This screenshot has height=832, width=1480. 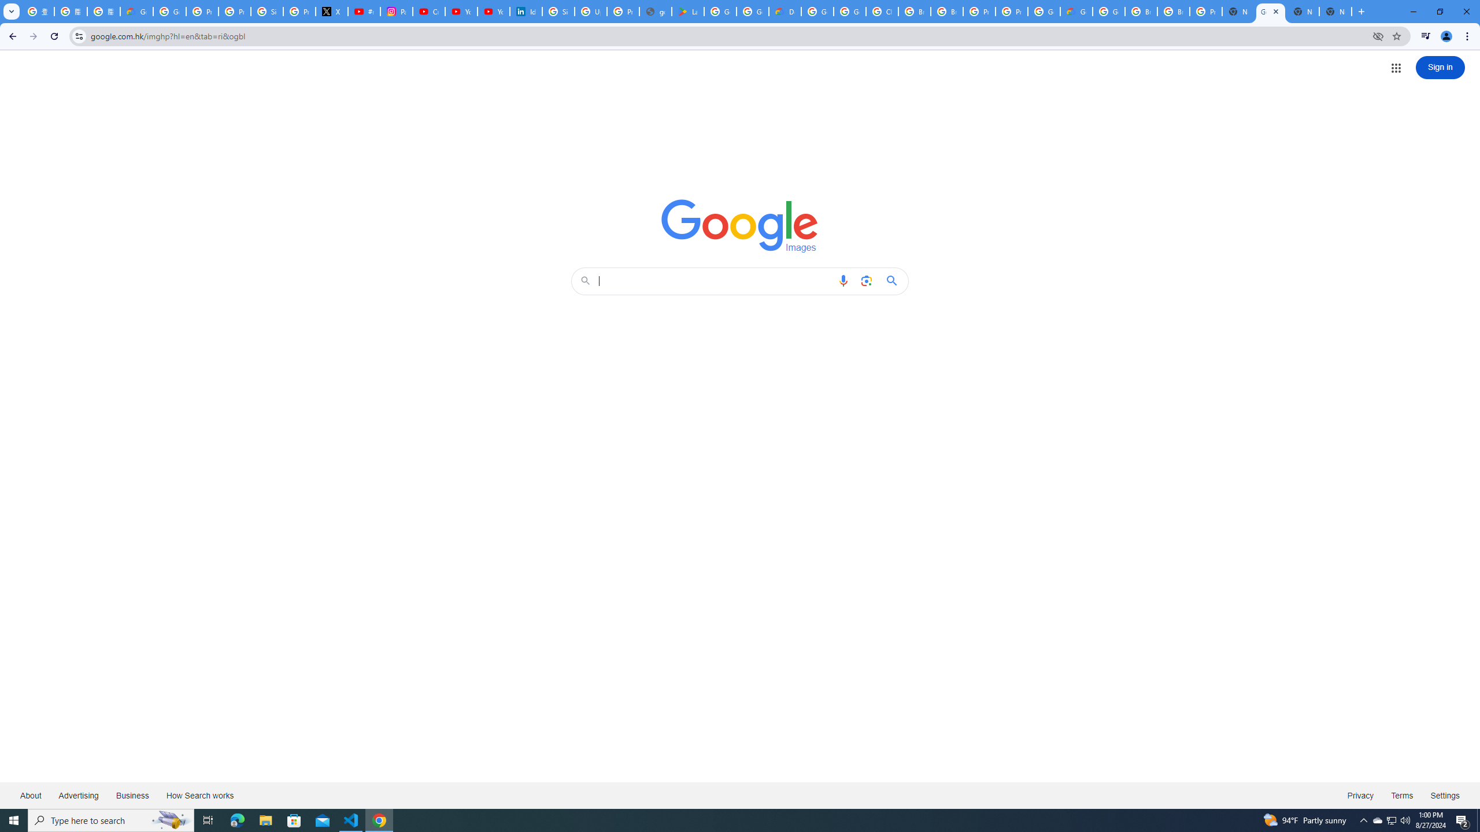 I want to click on 'Business', so click(x=132, y=794).